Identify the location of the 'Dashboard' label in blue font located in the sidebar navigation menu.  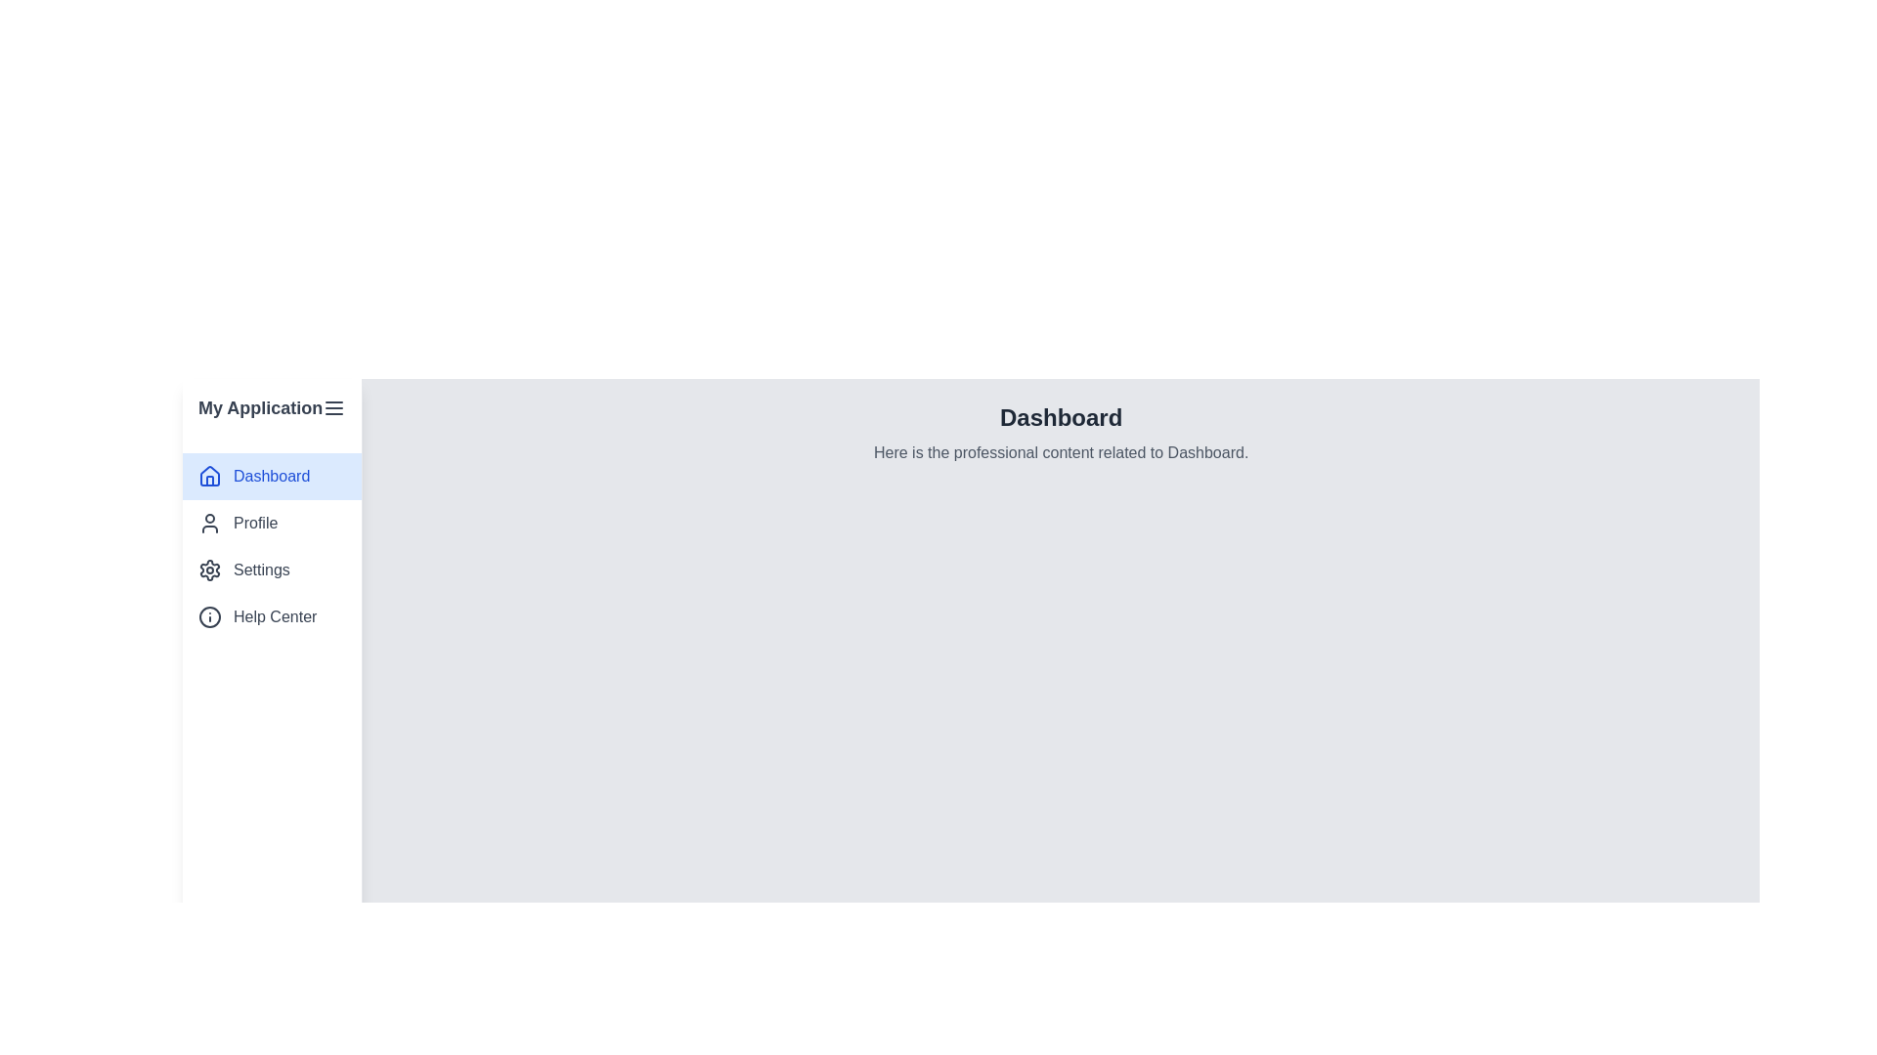
(271, 477).